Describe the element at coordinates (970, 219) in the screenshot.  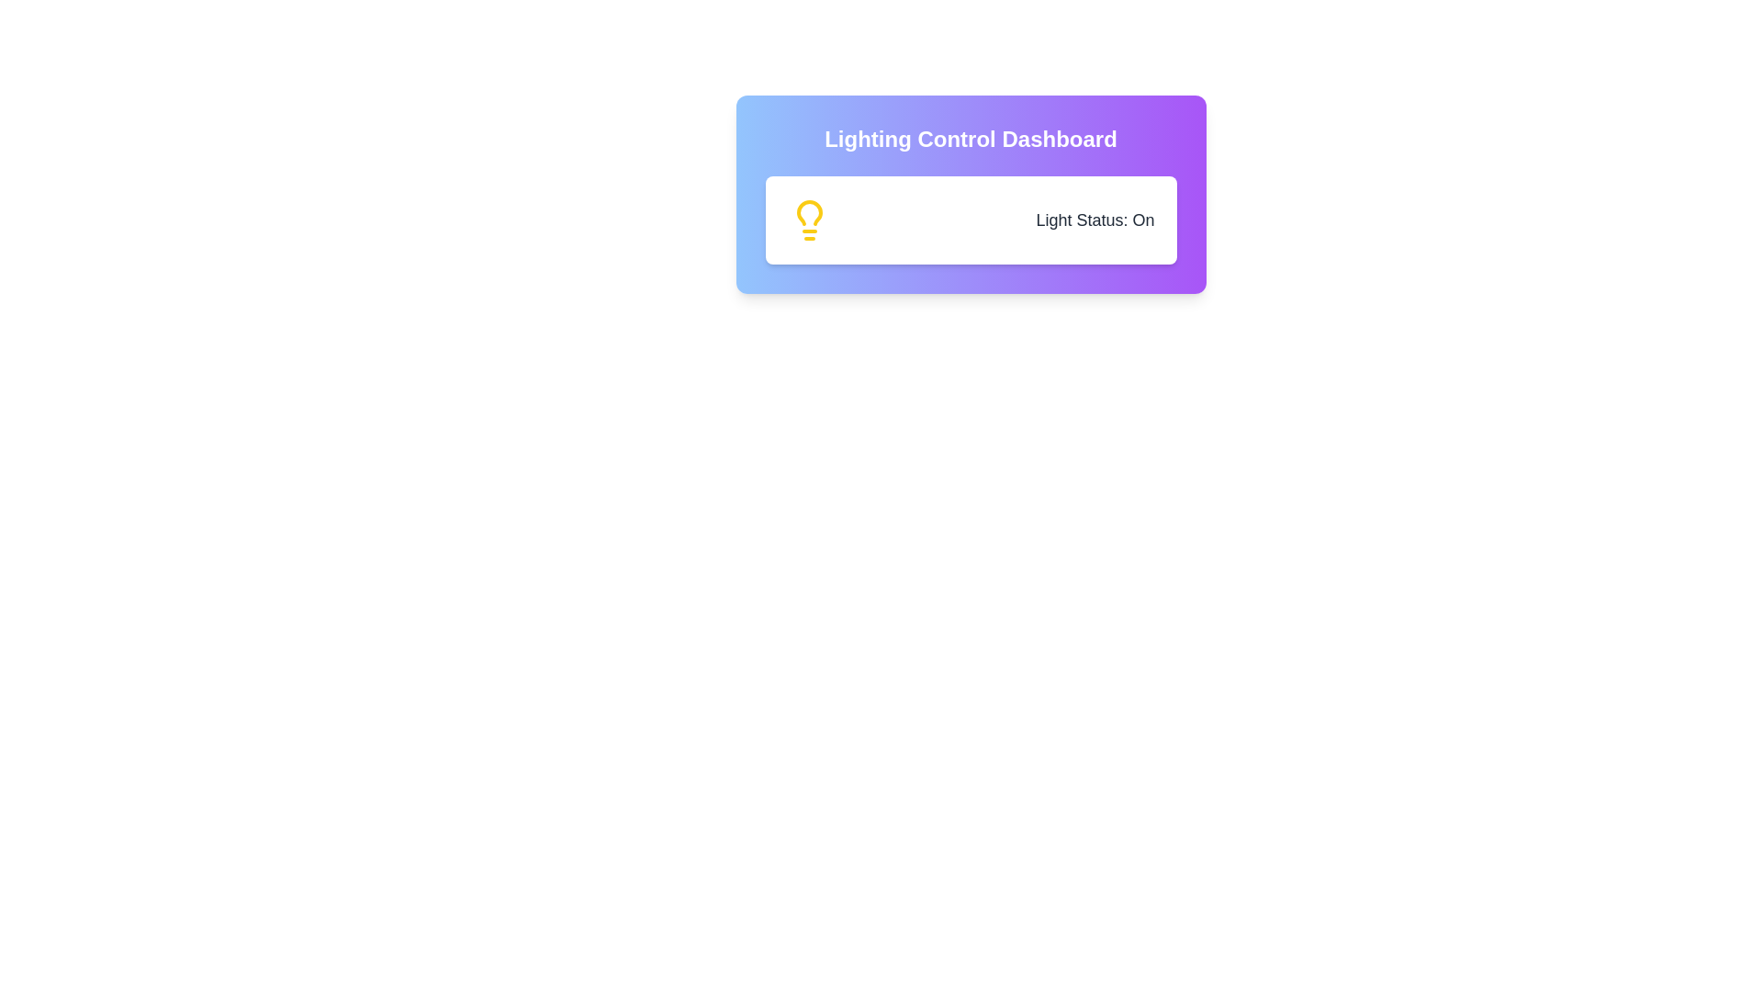
I see `the panel displaying 'Light Status: On' to toggle the light status` at that location.